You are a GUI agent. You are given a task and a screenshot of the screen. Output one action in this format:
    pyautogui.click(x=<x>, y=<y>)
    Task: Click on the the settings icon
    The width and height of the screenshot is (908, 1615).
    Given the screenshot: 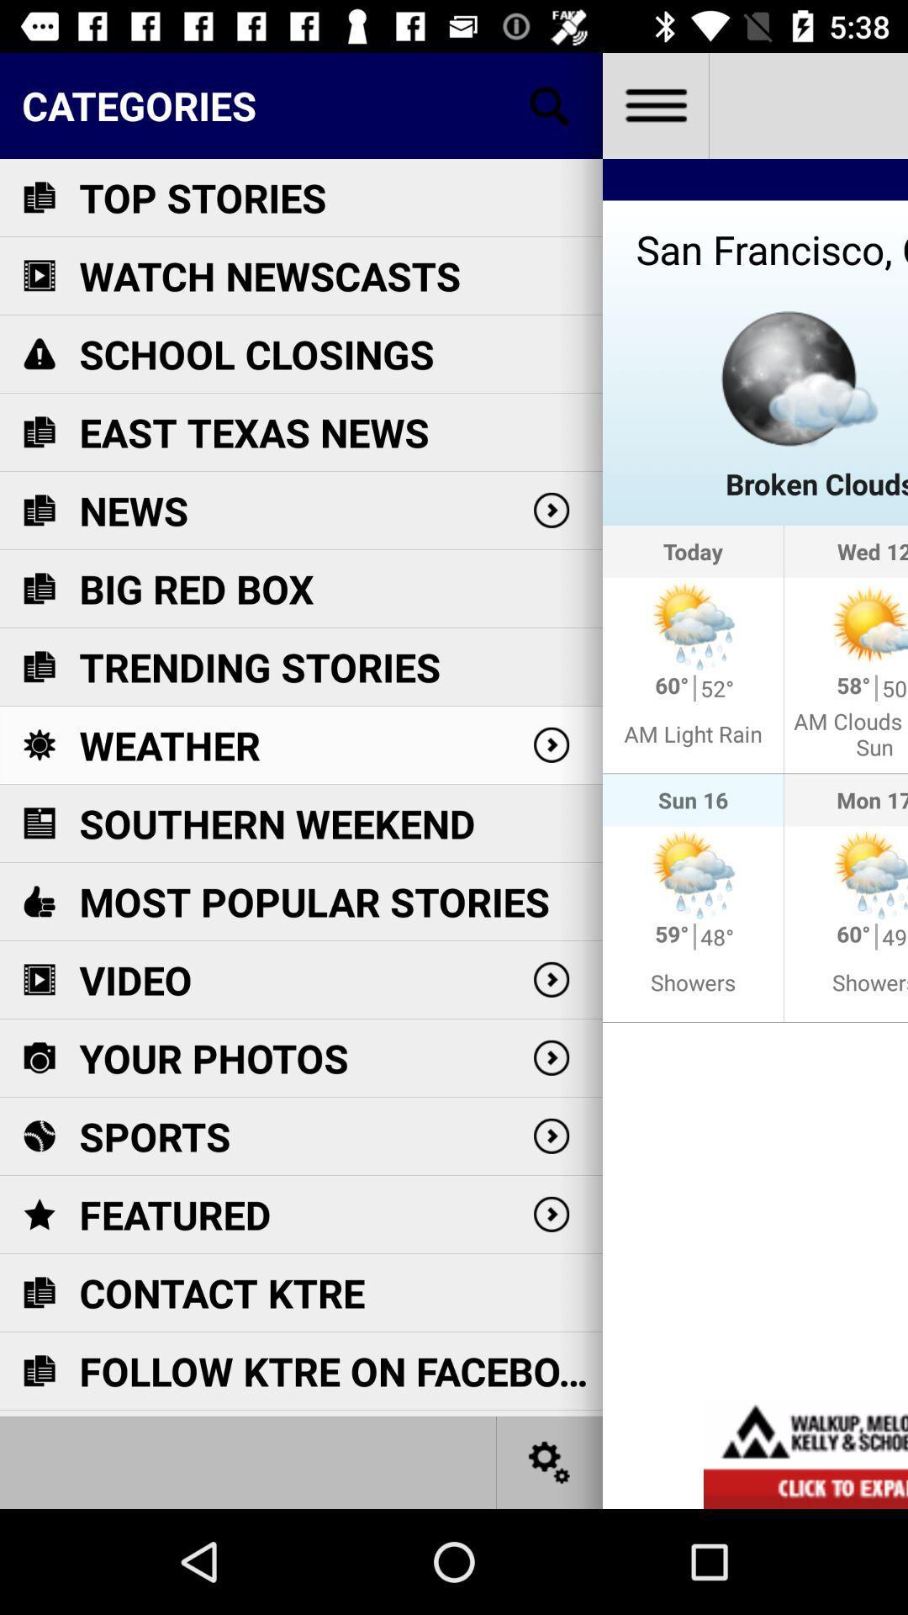 What is the action you would take?
    pyautogui.click(x=550, y=1461)
    